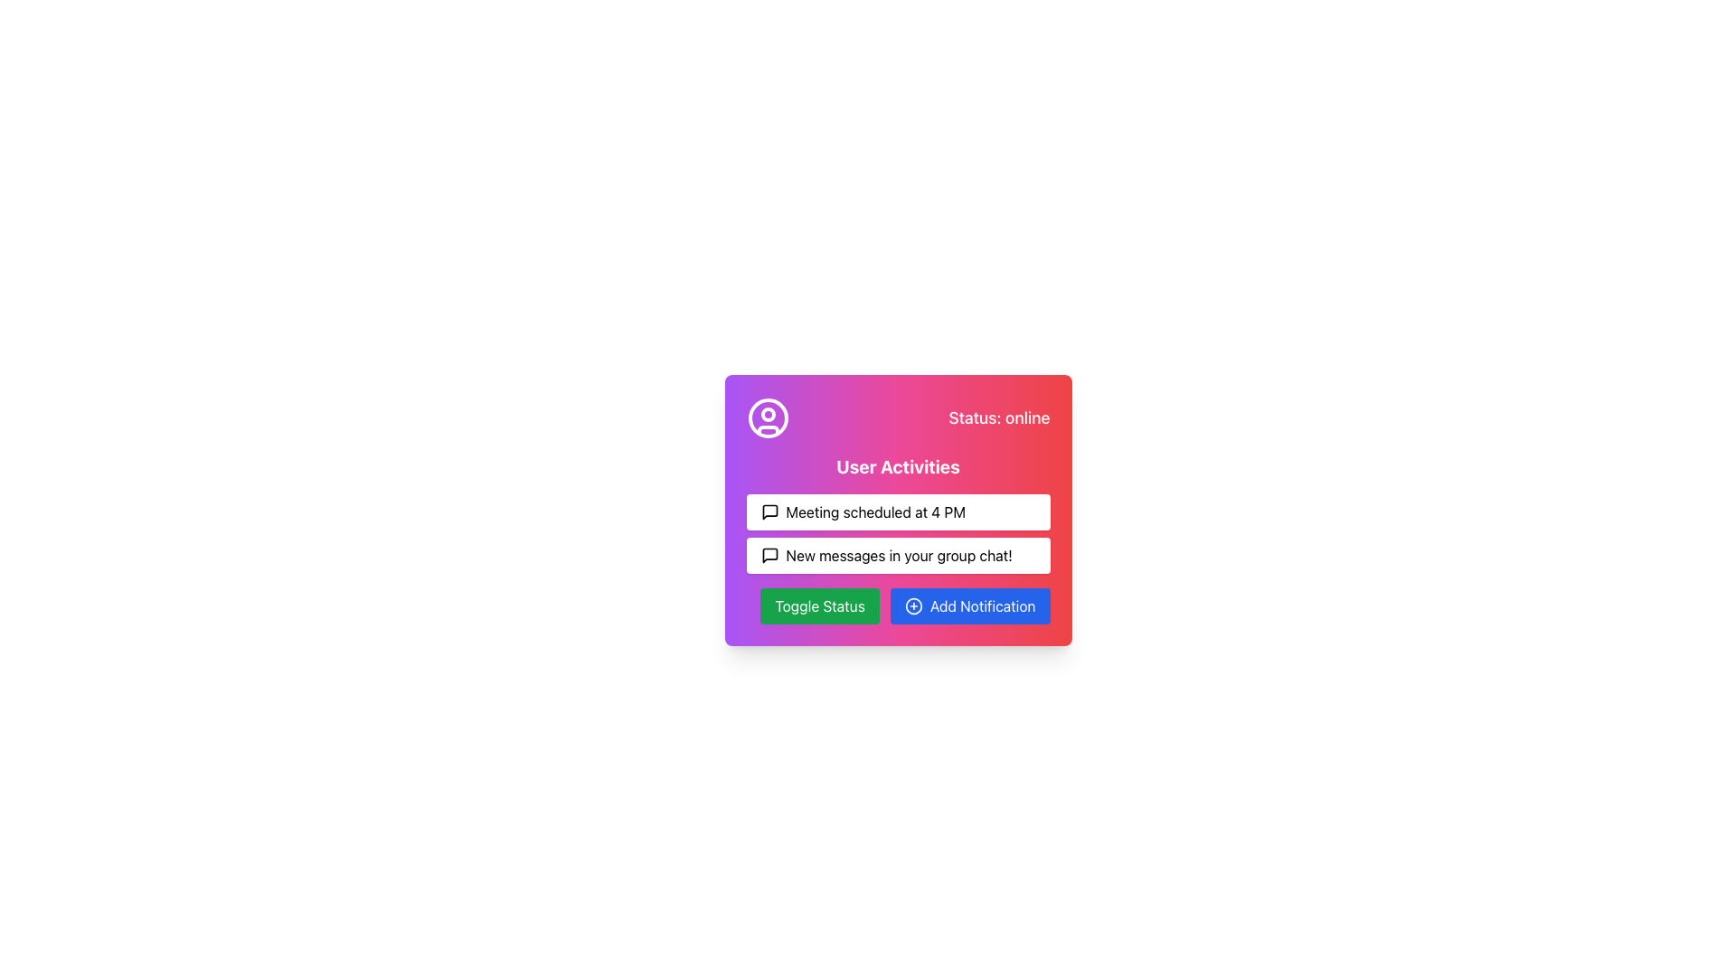 This screenshot has height=976, width=1736. Describe the element at coordinates (769, 554) in the screenshot. I see `the notification icon located in the second row of the 'User Activities' section, which is adjacent to the text 'New messages in your group chat!'` at that location.